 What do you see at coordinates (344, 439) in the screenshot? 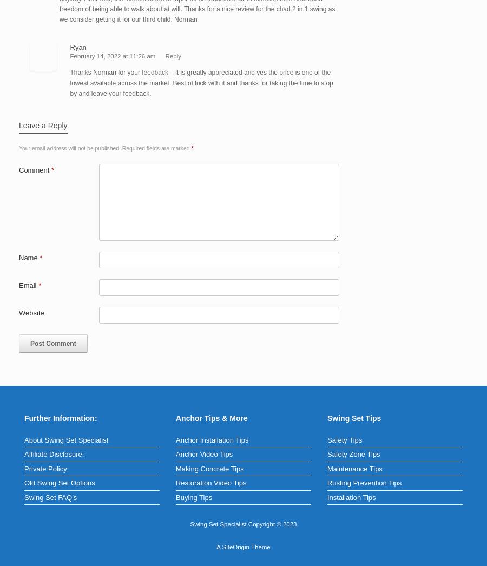
I see `'Safety Tips'` at bounding box center [344, 439].